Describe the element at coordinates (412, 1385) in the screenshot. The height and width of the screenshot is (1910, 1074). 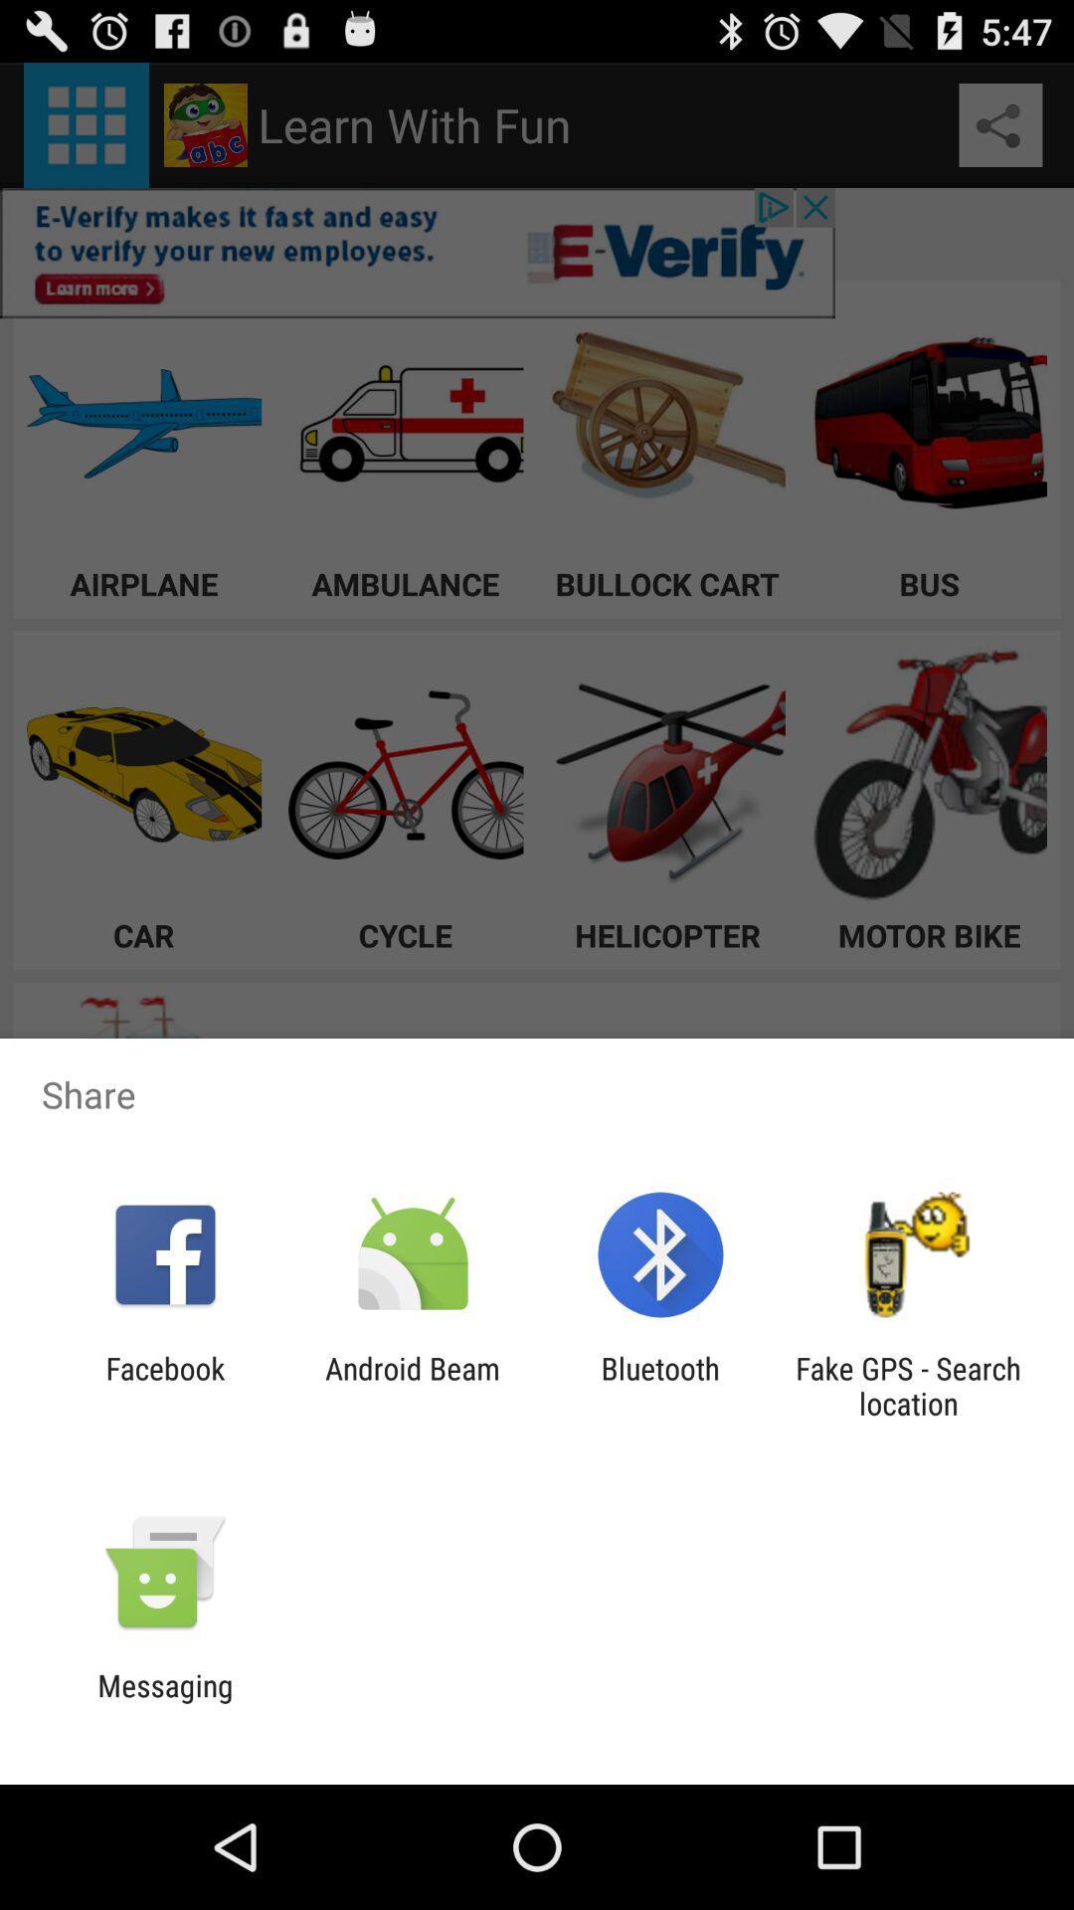
I see `item to the left of the bluetooth item` at that location.